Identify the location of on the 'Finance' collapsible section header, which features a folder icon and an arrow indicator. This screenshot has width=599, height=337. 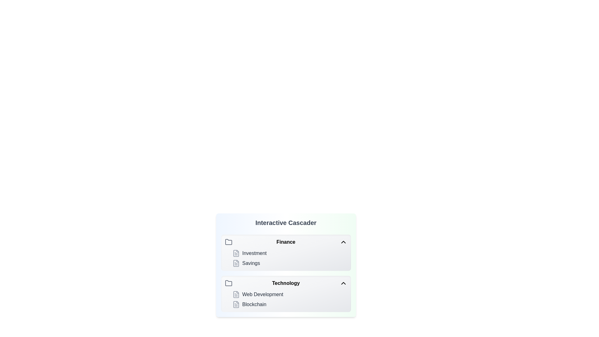
(285, 242).